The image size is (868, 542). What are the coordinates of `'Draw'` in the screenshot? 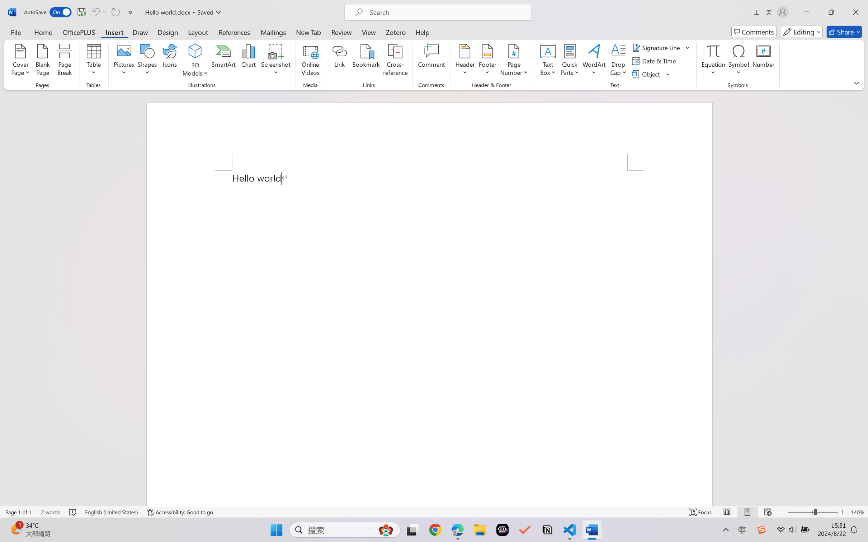 It's located at (140, 32).